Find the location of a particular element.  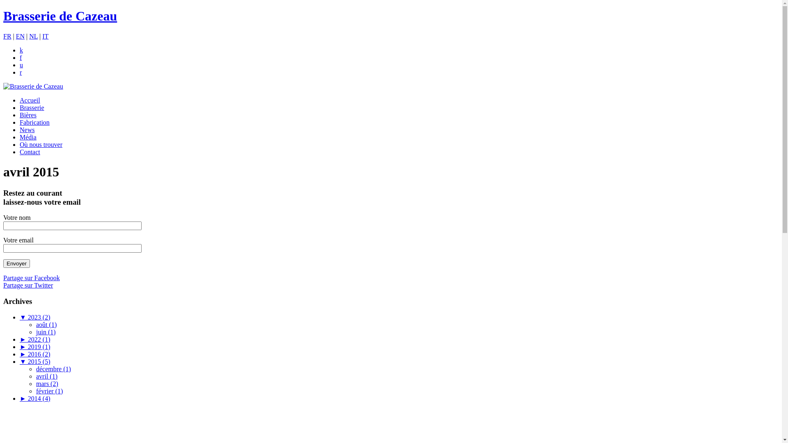

'News' is located at coordinates (27, 129).